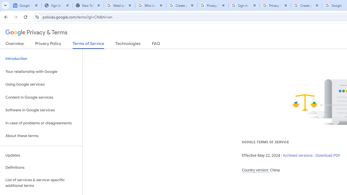  Describe the element at coordinates (41, 110) in the screenshot. I see `'Software in Google services'` at that location.